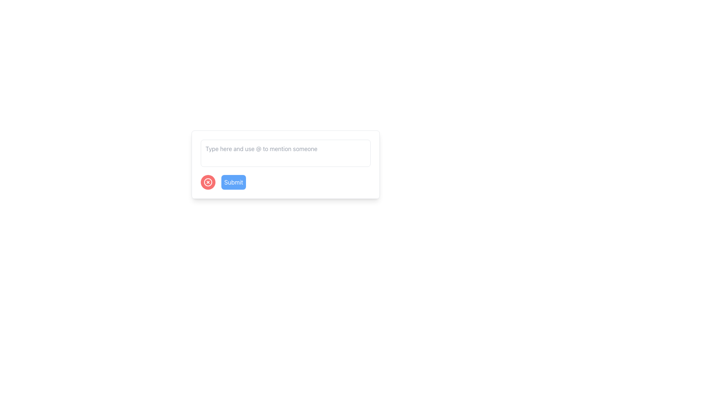 The image size is (706, 397). I want to click on the red circular button with an 'X' icon, so click(208, 182).